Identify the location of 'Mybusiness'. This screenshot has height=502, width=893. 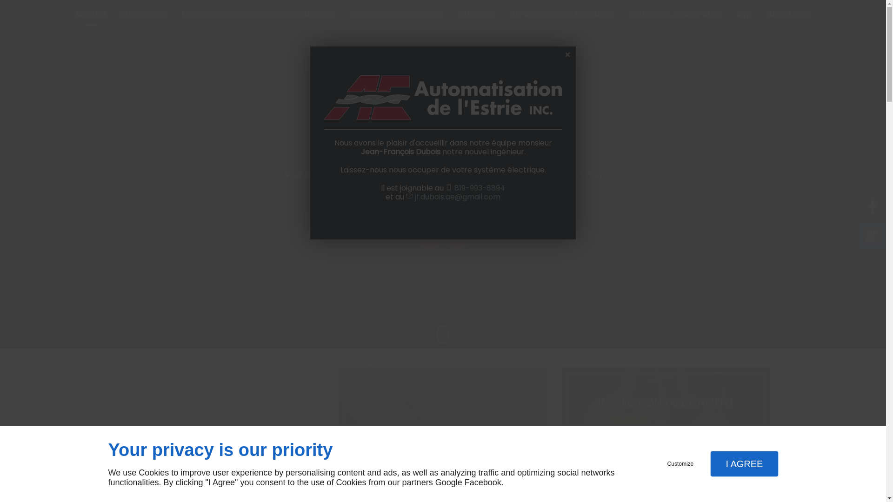
(872, 235).